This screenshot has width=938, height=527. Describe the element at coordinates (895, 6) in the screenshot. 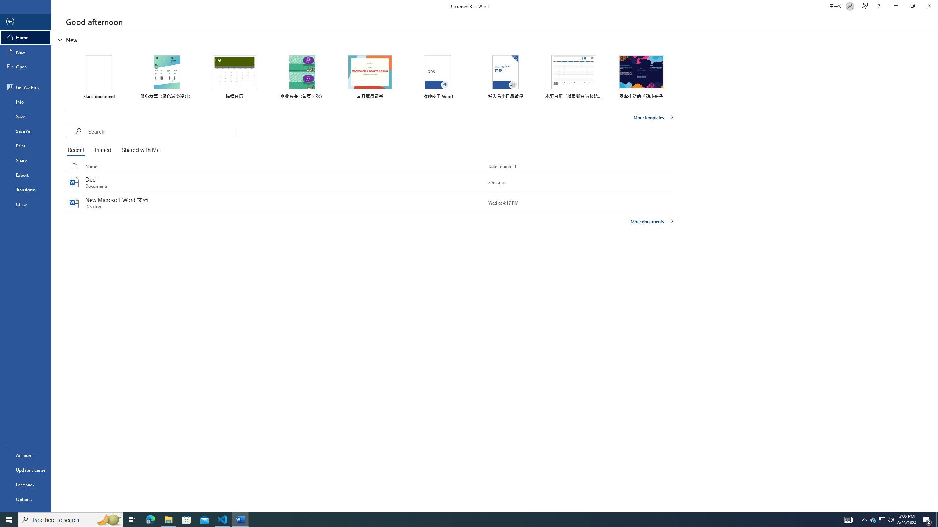

I see `'Minimize'` at that location.